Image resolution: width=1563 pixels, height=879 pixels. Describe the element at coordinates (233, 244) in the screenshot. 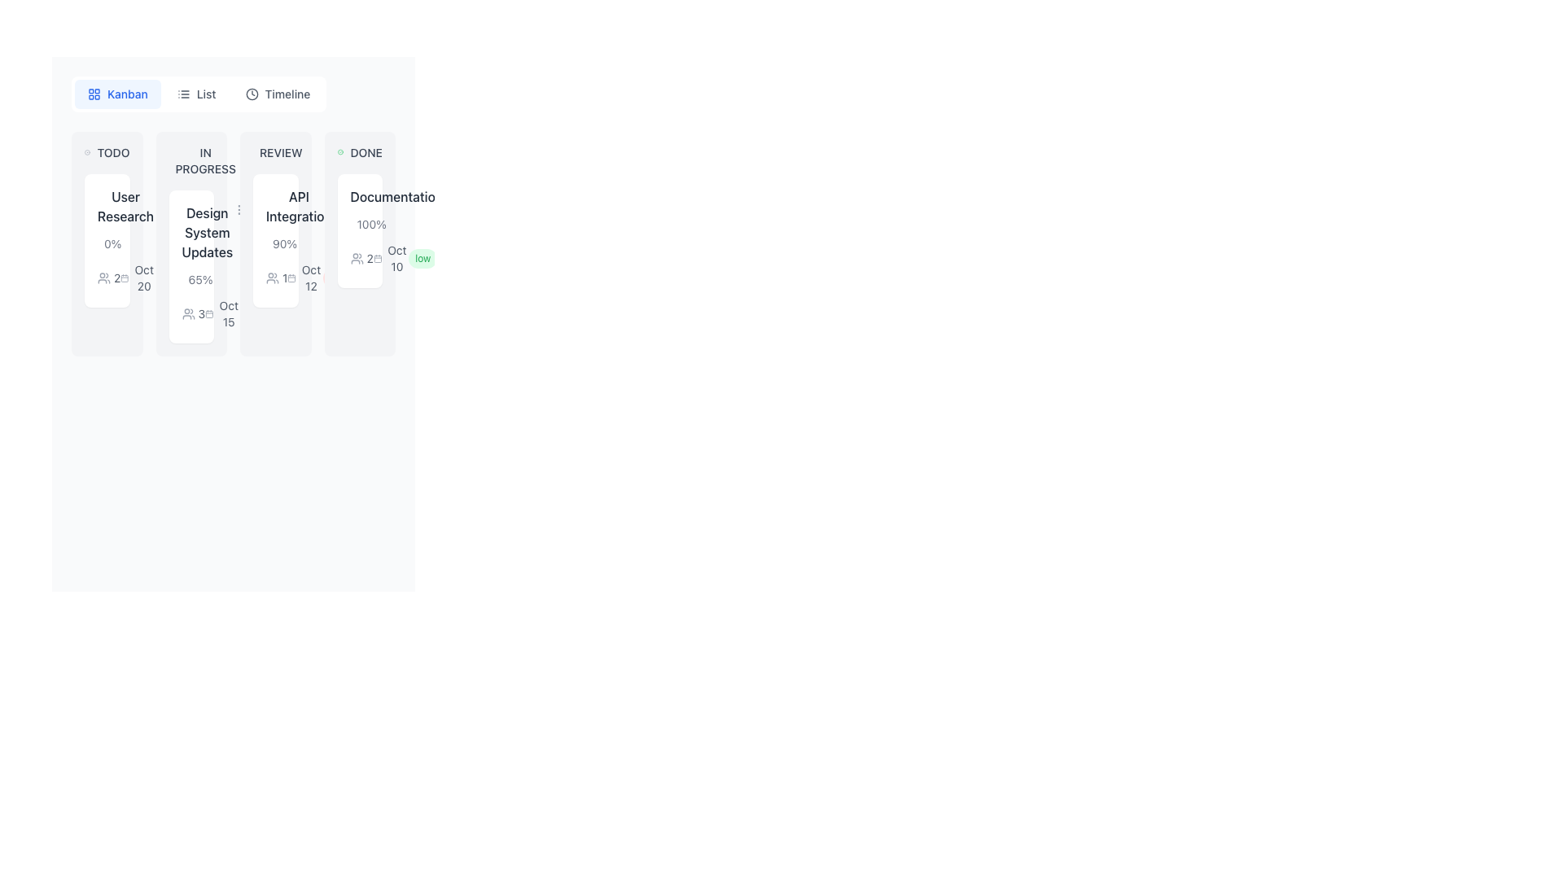

I see `the task card` at that location.